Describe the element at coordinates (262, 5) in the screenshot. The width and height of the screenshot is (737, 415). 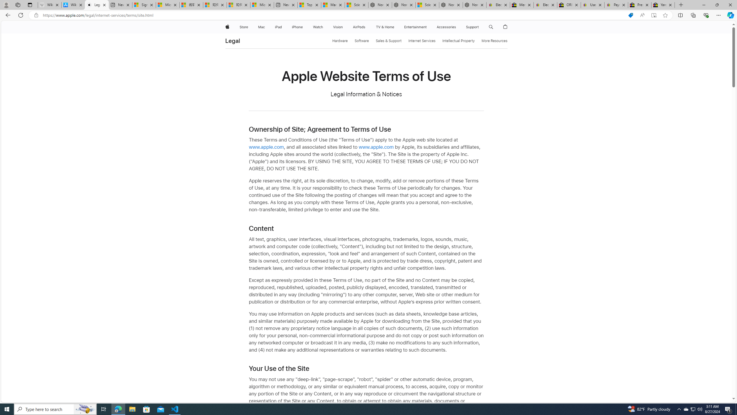
I see `'Microsoft account | Account Checkup'` at that location.